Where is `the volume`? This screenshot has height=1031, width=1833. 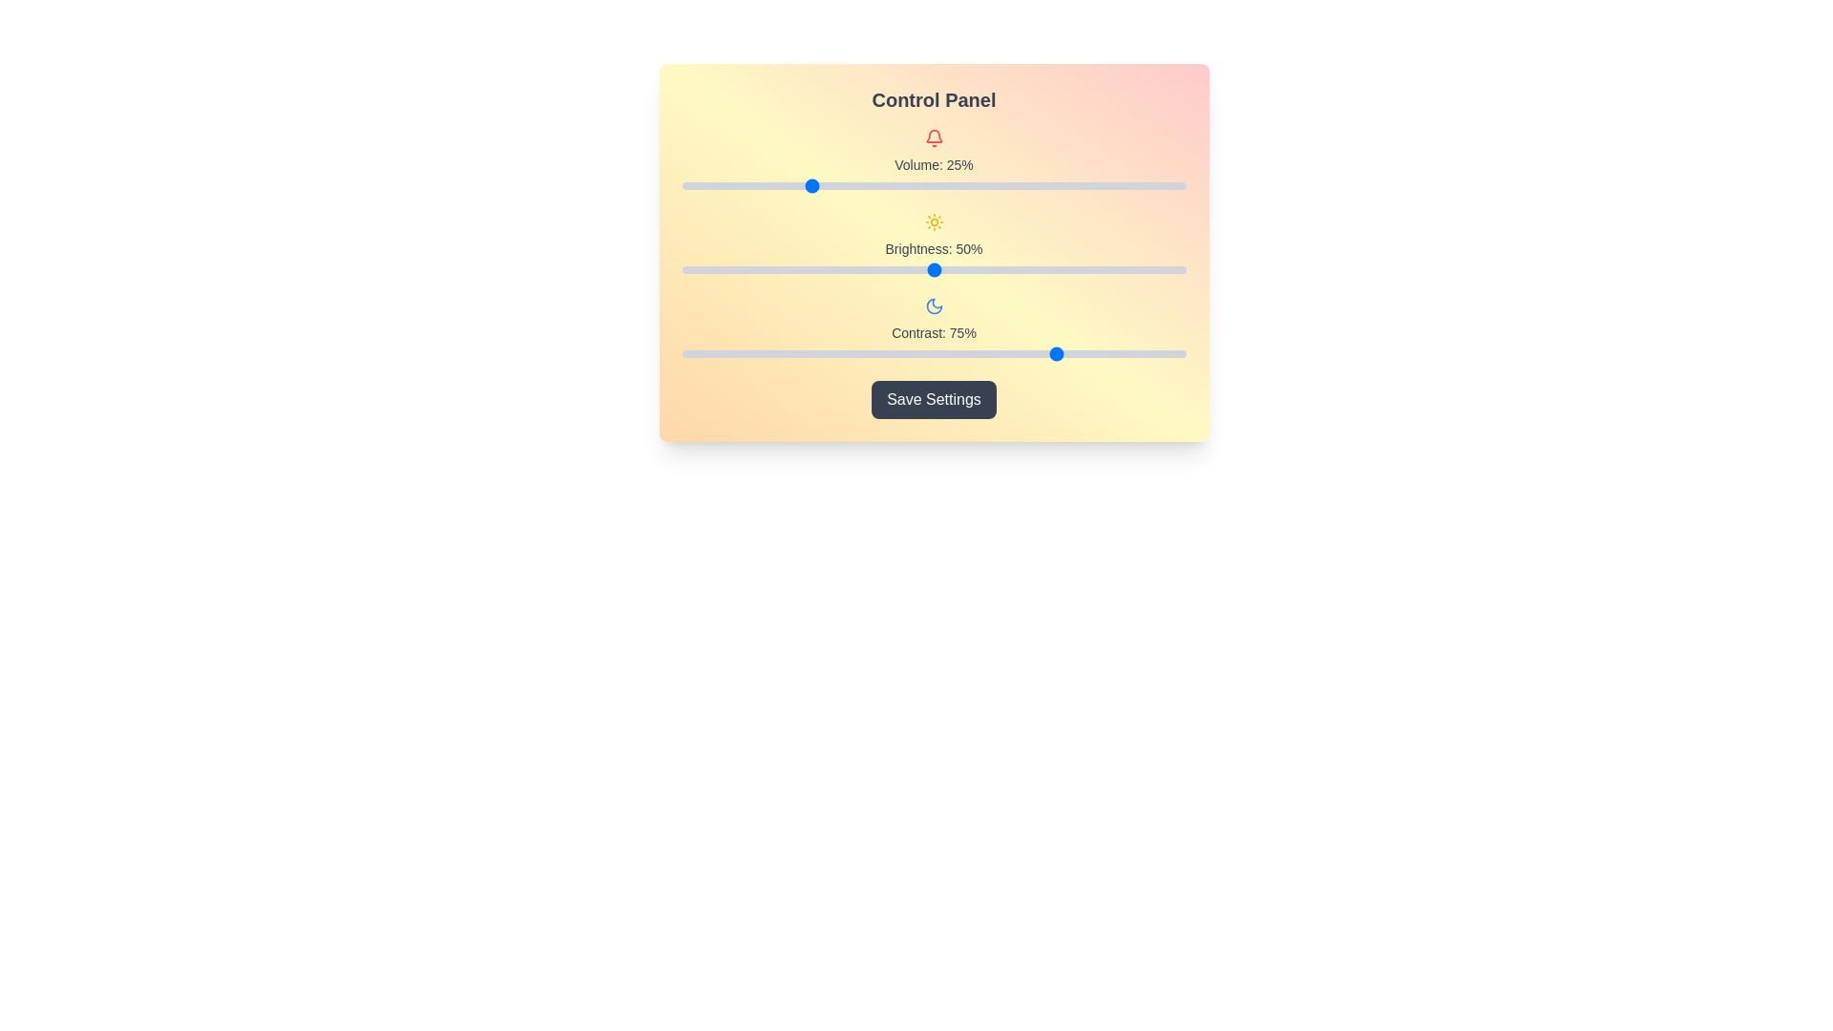
the volume is located at coordinates (969, 186).